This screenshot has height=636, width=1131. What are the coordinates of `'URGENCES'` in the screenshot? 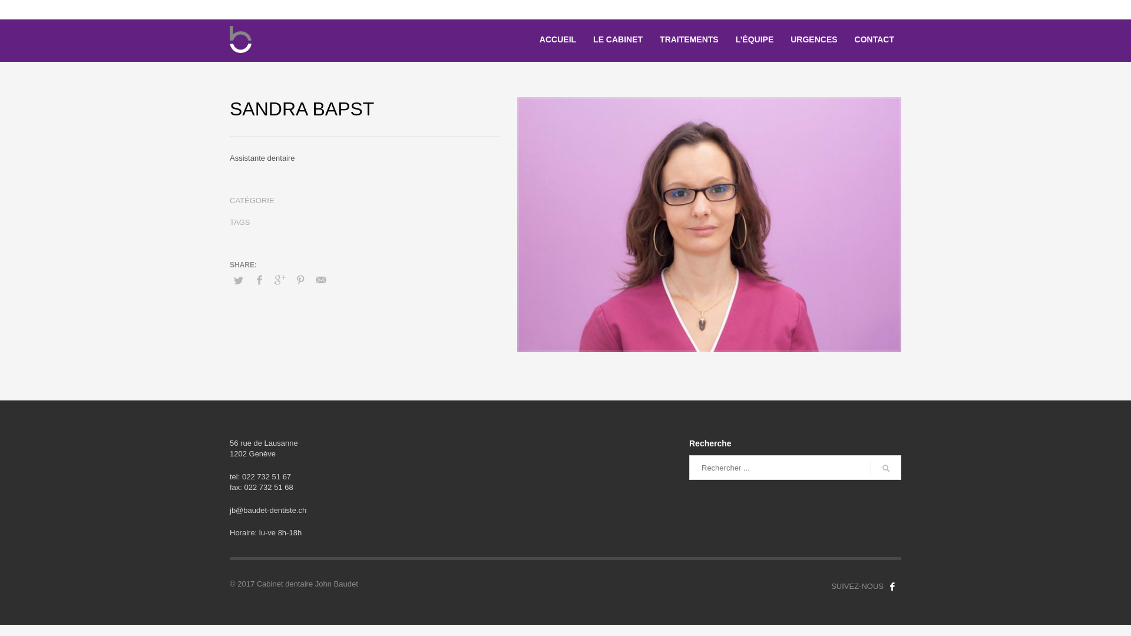 It's located at (813, 38).